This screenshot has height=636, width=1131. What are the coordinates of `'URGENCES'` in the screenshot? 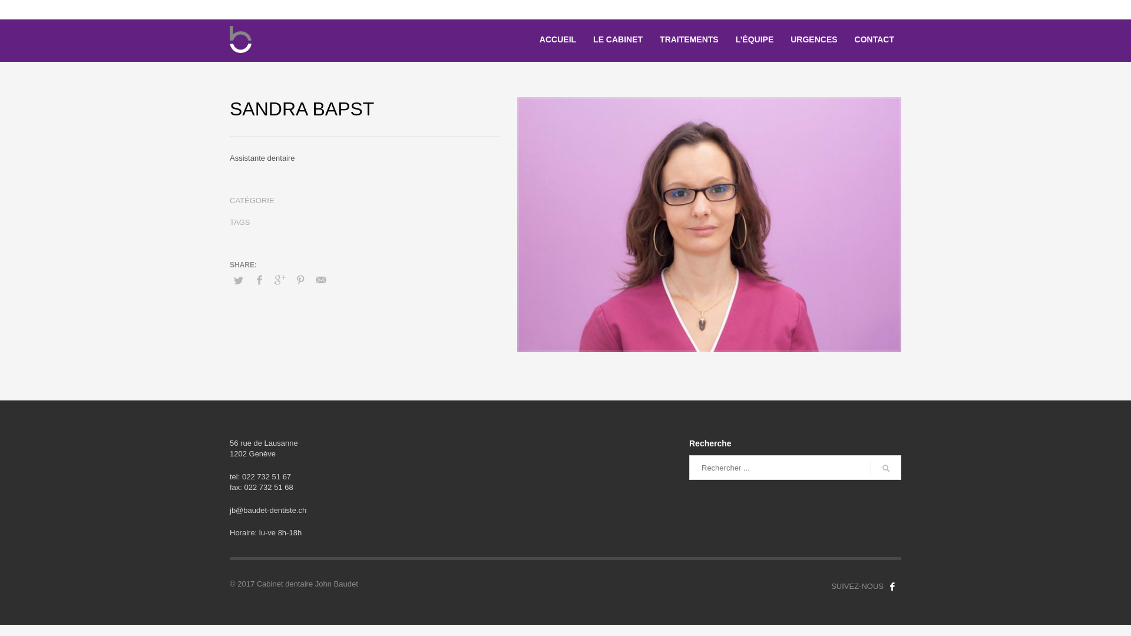 It's located at (813, 38).